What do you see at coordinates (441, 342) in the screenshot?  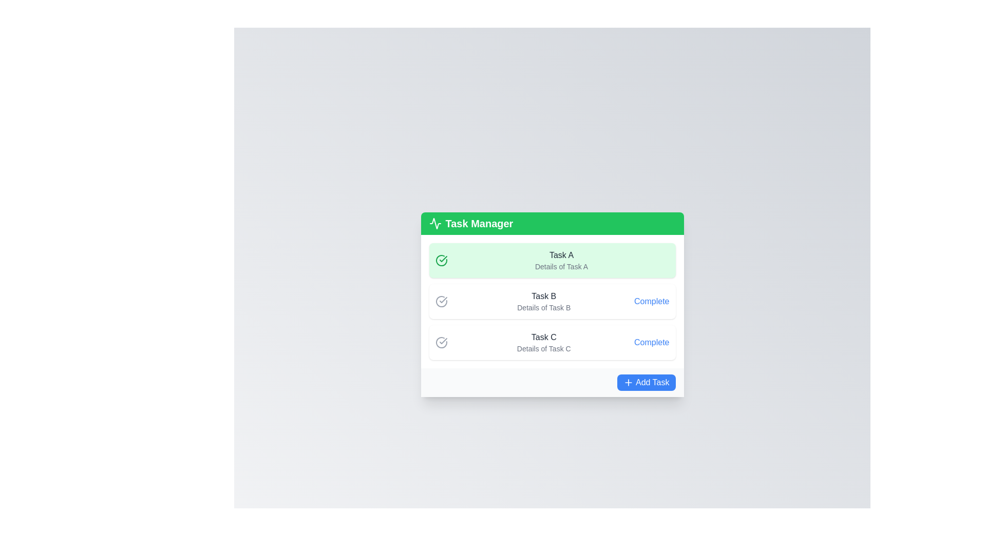 I see `the SVG icon (circle with checkmark) that indicates the status of 'Task C' in the Task Manager section` at bounding box center [441, 342].